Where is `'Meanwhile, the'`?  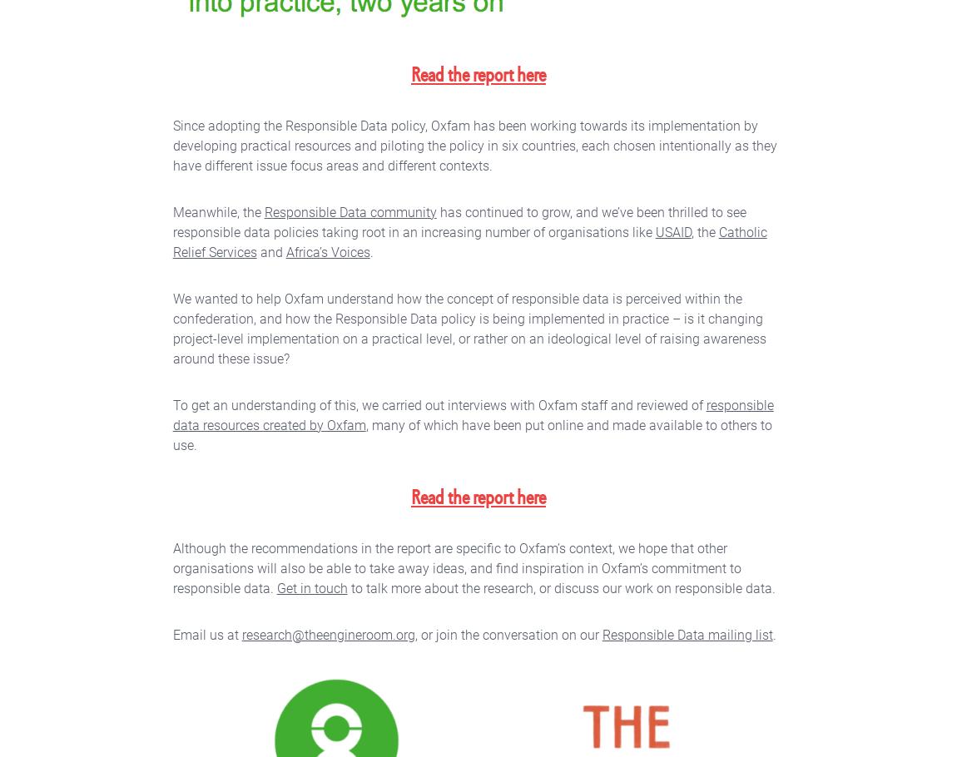 'Meanwhile, the' is located at coordinates (171, 211).